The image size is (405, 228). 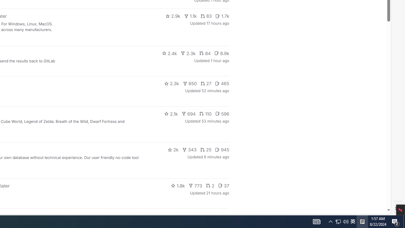 What do you see at coordinates (171, 113) in the screenshot?
I see `'2.1k'` at bounding box center [171, 113].